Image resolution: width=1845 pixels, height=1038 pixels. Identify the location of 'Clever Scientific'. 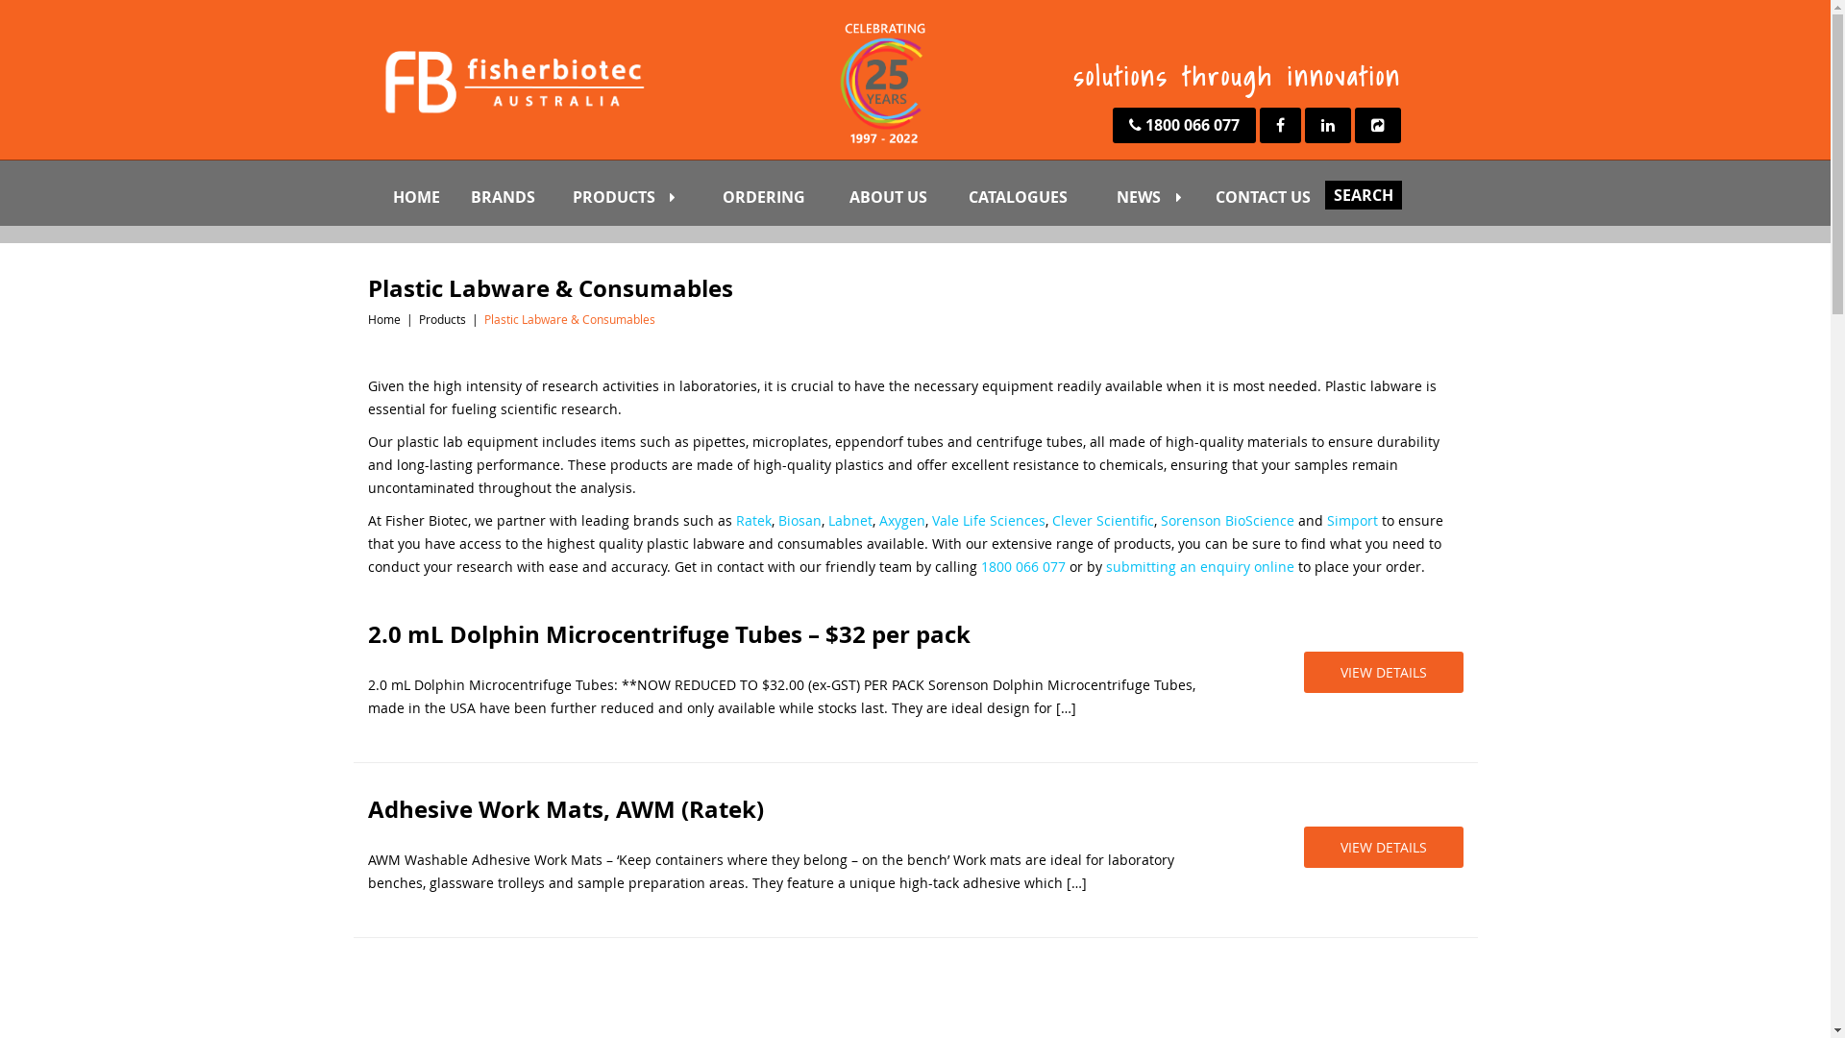
(1102, 520).